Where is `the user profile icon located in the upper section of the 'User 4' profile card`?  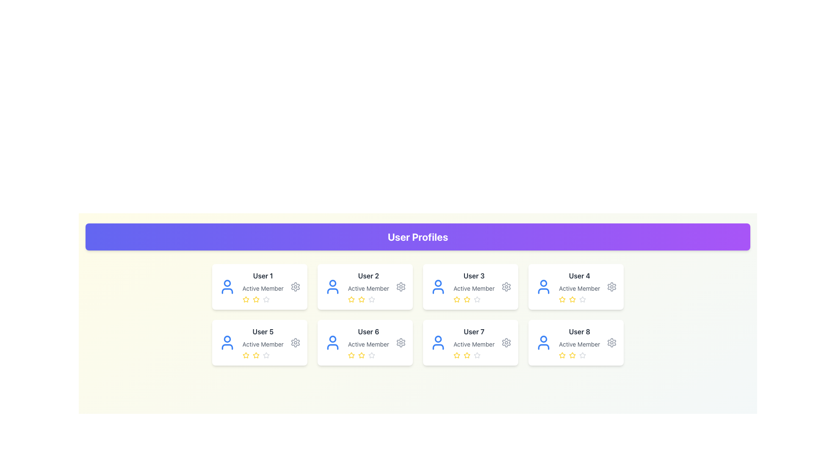
the user profile icon located in the upper section of the 'User 4' profile card is located at coordinates (544, 283).